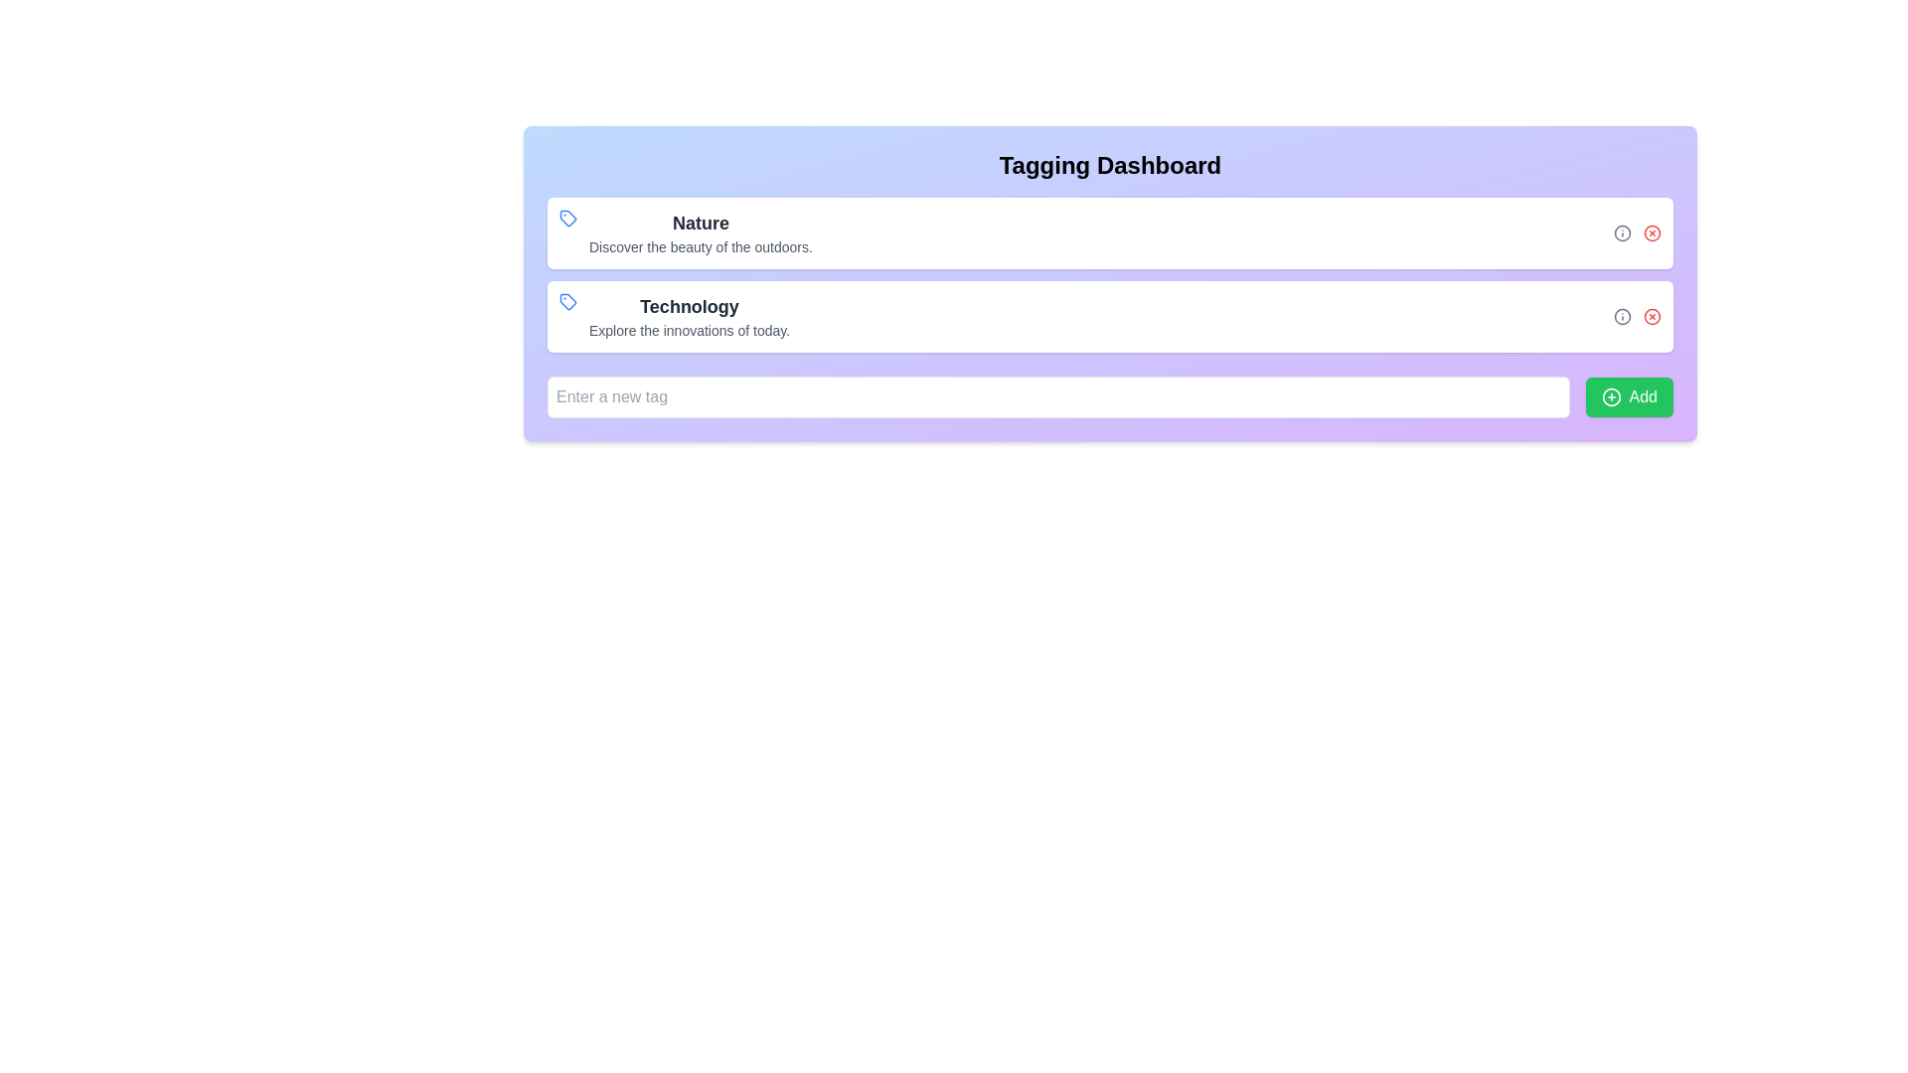 The width and height of the screenshot is (1908, 1073). I want to click on the tag icon located, so click(566, 218).